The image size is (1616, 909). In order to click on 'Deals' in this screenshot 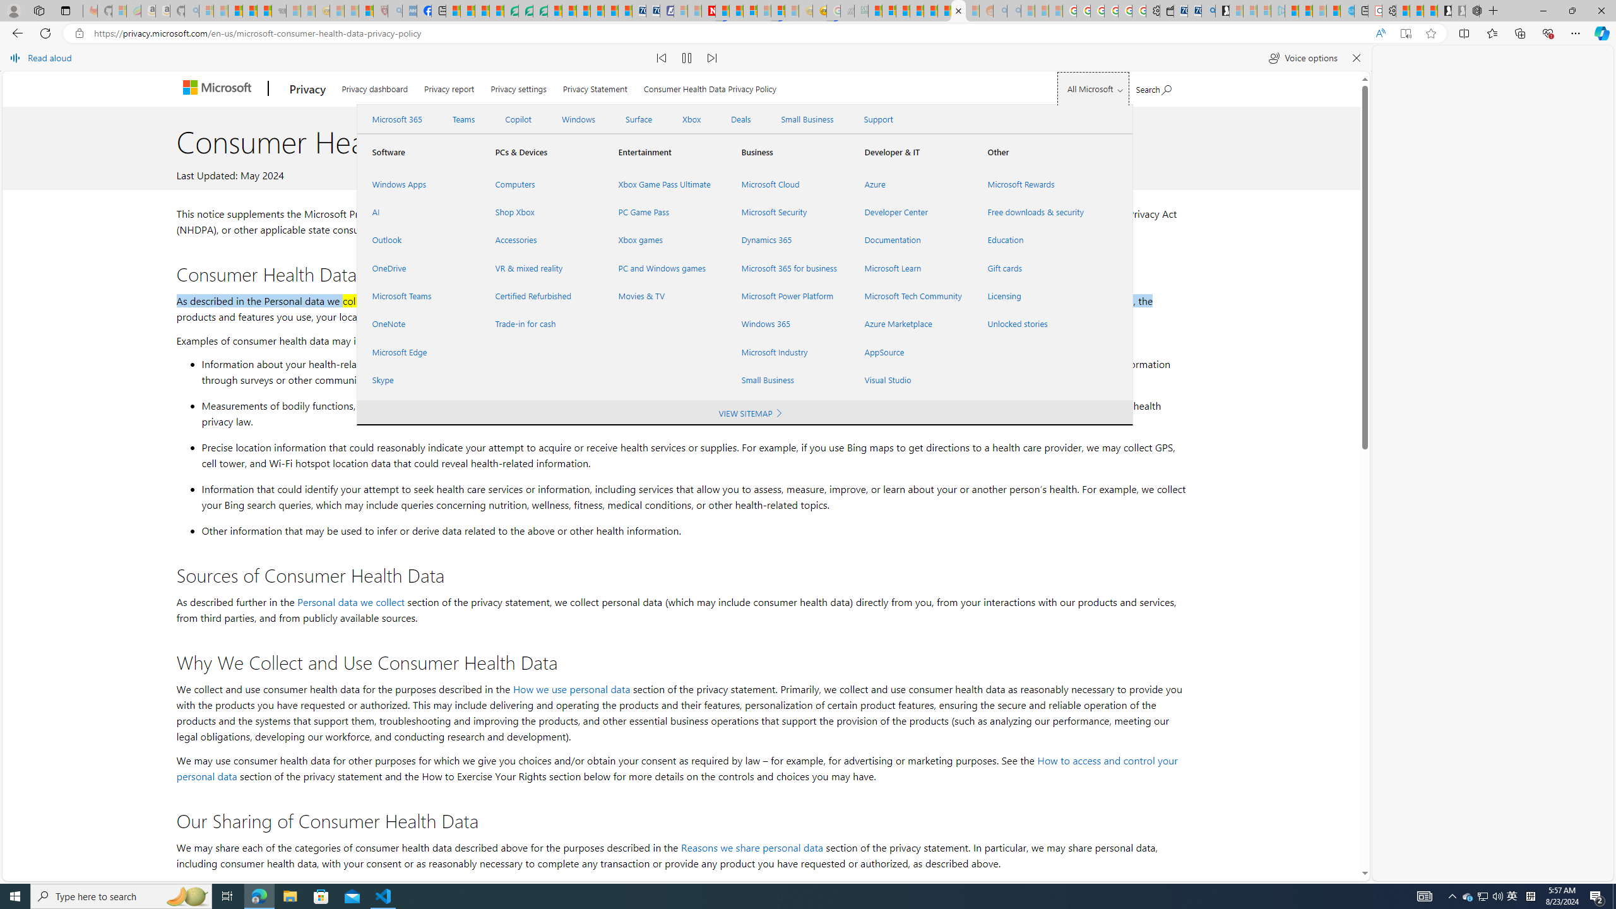, I will do `click(740, 119)`.